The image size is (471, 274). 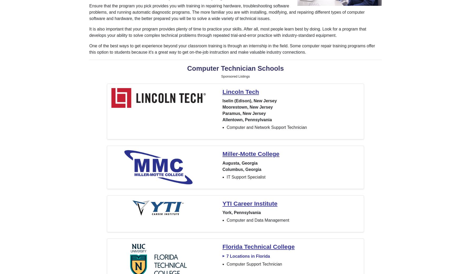 What do you see at coordinates (247, 120) in the screenshot?
I see `'Allentown, Pennsylvania'` at bounding box center [247, 120].